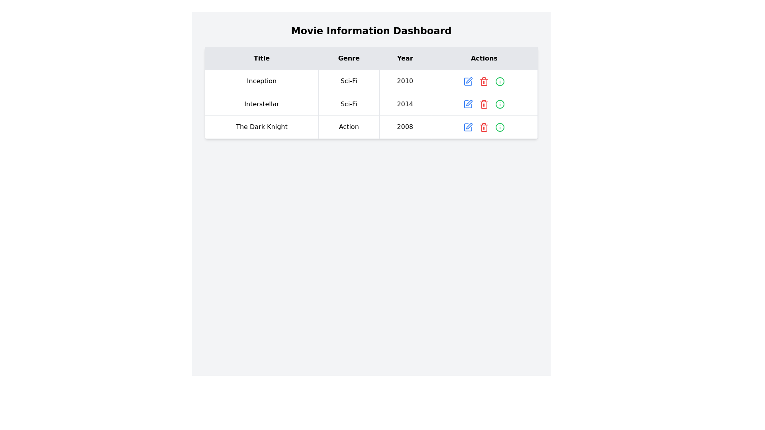  I want to click on the text label displaying 'The Dark Knight' in the first column of the third row in the table under the 'Title' heading, so click(262, 127).